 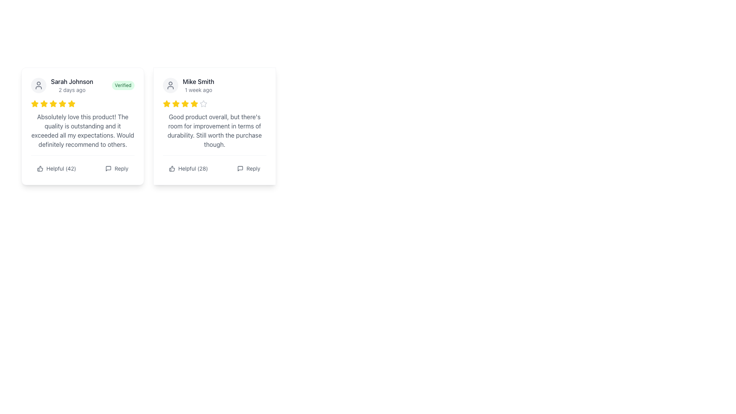 What do you see at coordinates (72, 103) in the screenshot?
I see `the fourth star in the five-star rating system under the user review heading 'Sarah Johnson' to emphasize it` at bounding box center [72, 103].